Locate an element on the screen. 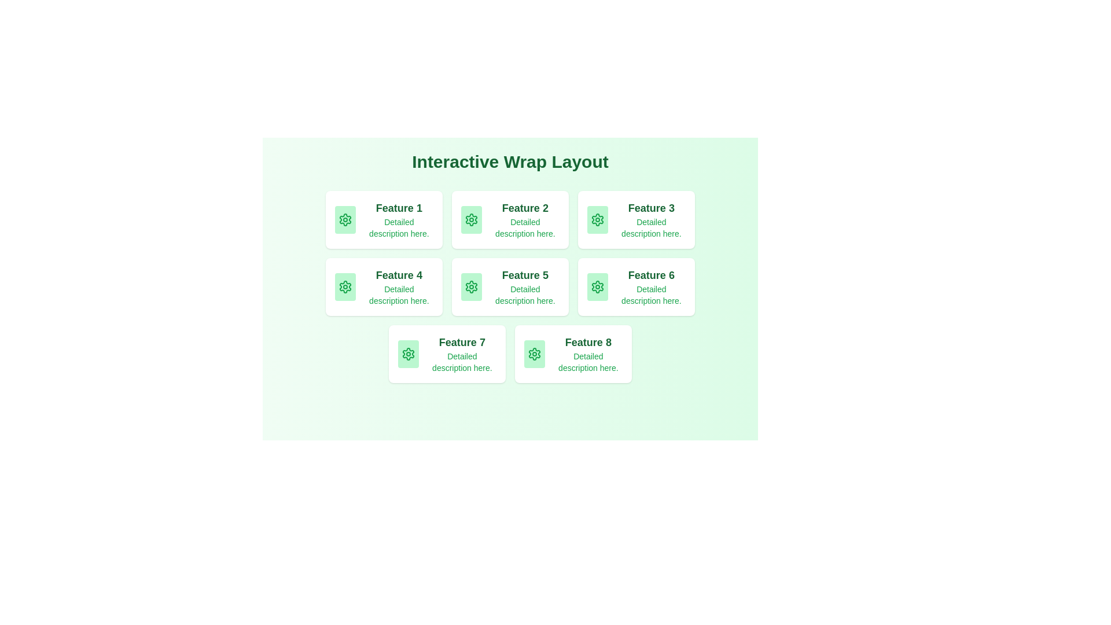 Image resolution: width=1111 pixels, height=625 pixels. the gear/settings icon located in the middle-left of the fourth feature card is located at coordinates (344, 286).